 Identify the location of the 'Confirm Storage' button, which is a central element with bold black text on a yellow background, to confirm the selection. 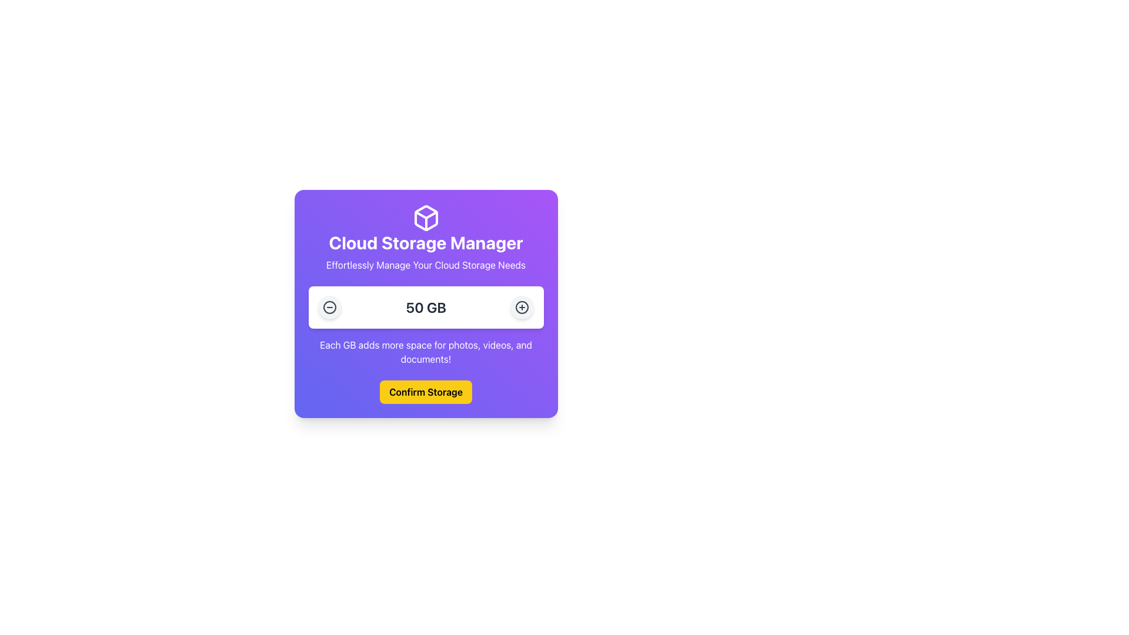
(425, 392).